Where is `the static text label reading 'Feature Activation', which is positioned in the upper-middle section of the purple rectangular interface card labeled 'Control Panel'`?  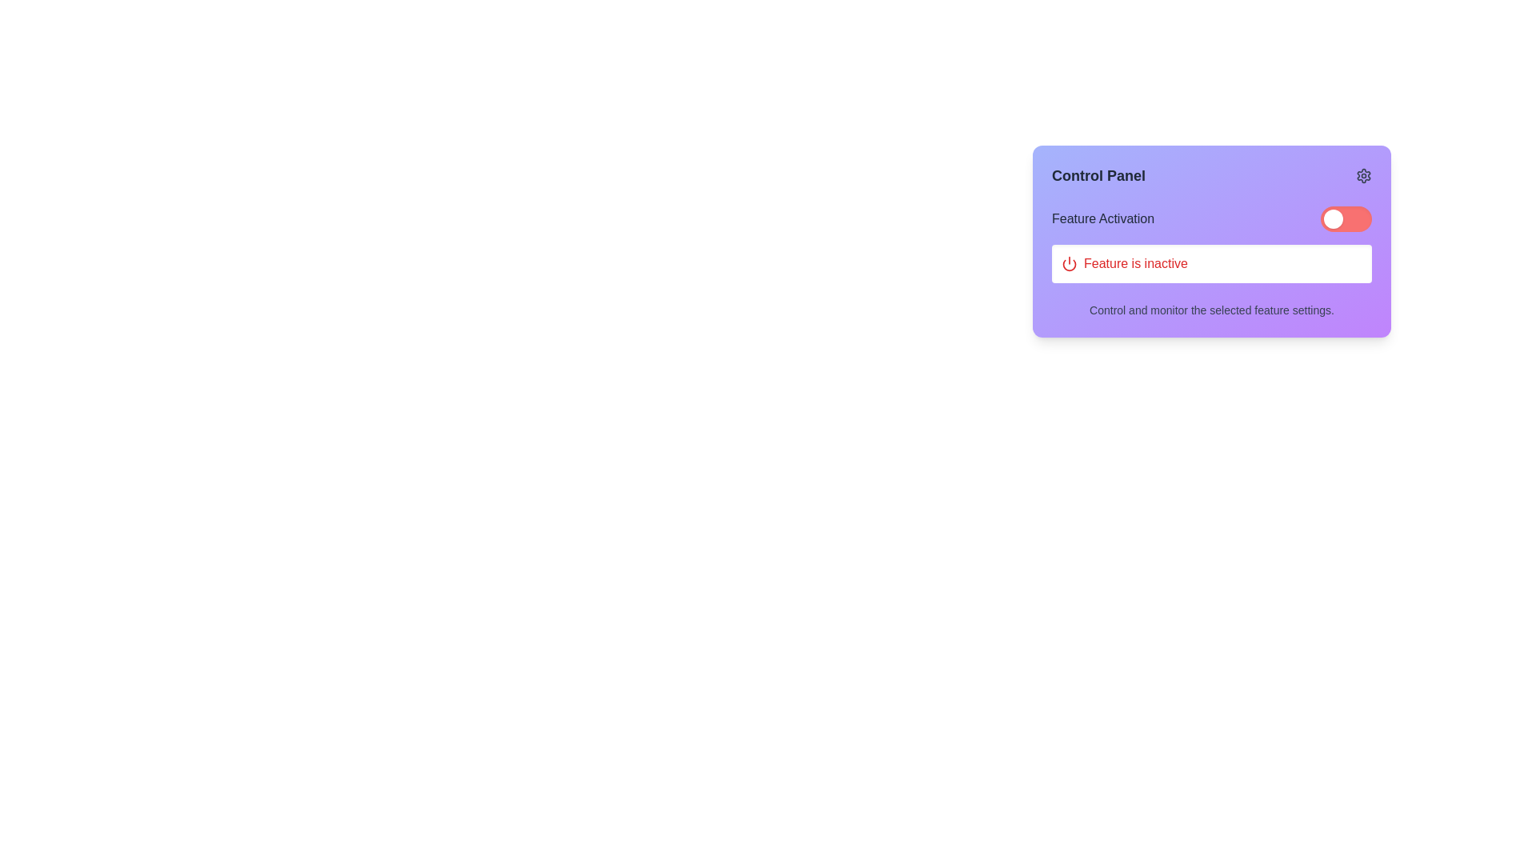 the static text label reading 'Feature Activation', which is positioned in the upper-middle section of the purple rectangular interface card labeled 'Control Panel' is located at coordinates (1102, 218).